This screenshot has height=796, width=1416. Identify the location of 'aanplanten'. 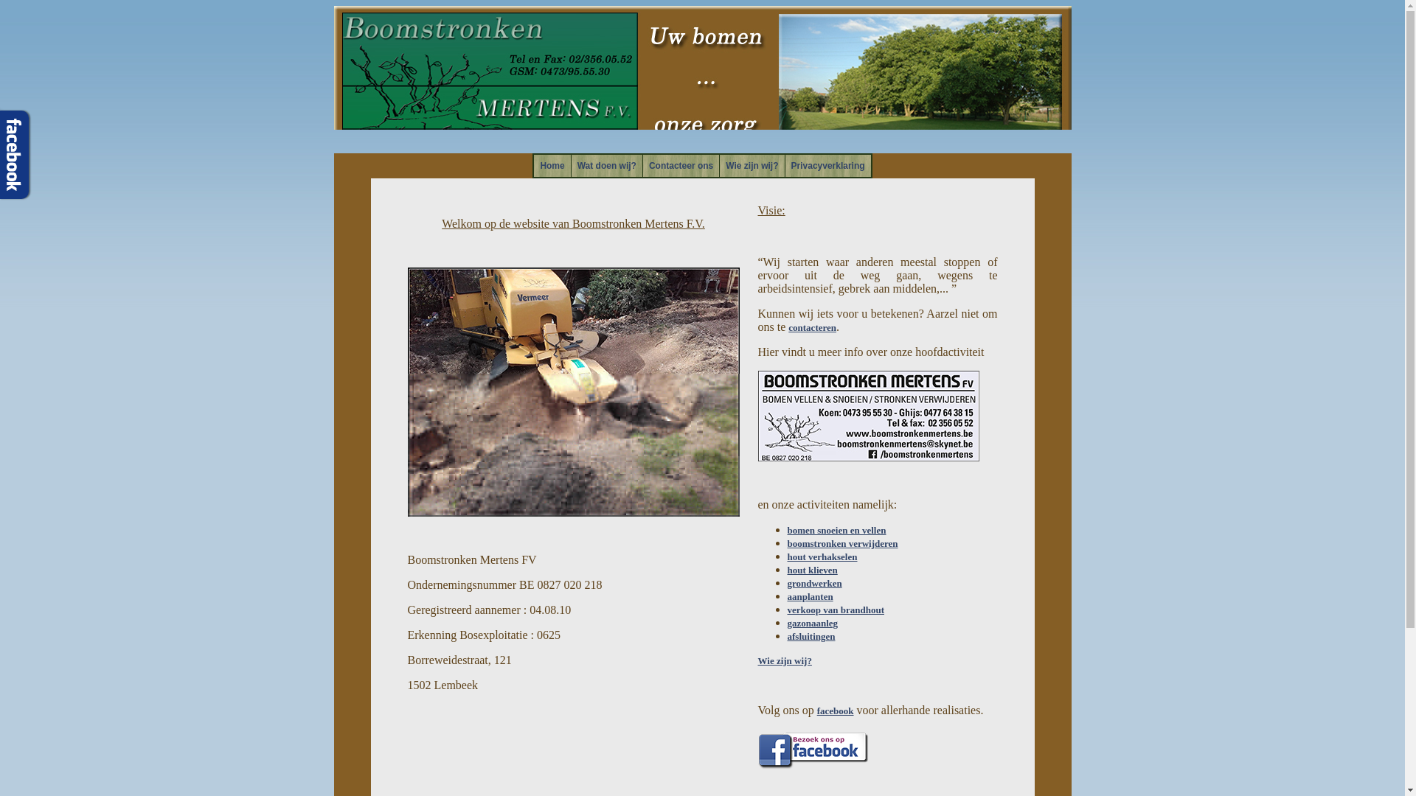
(810, 596).